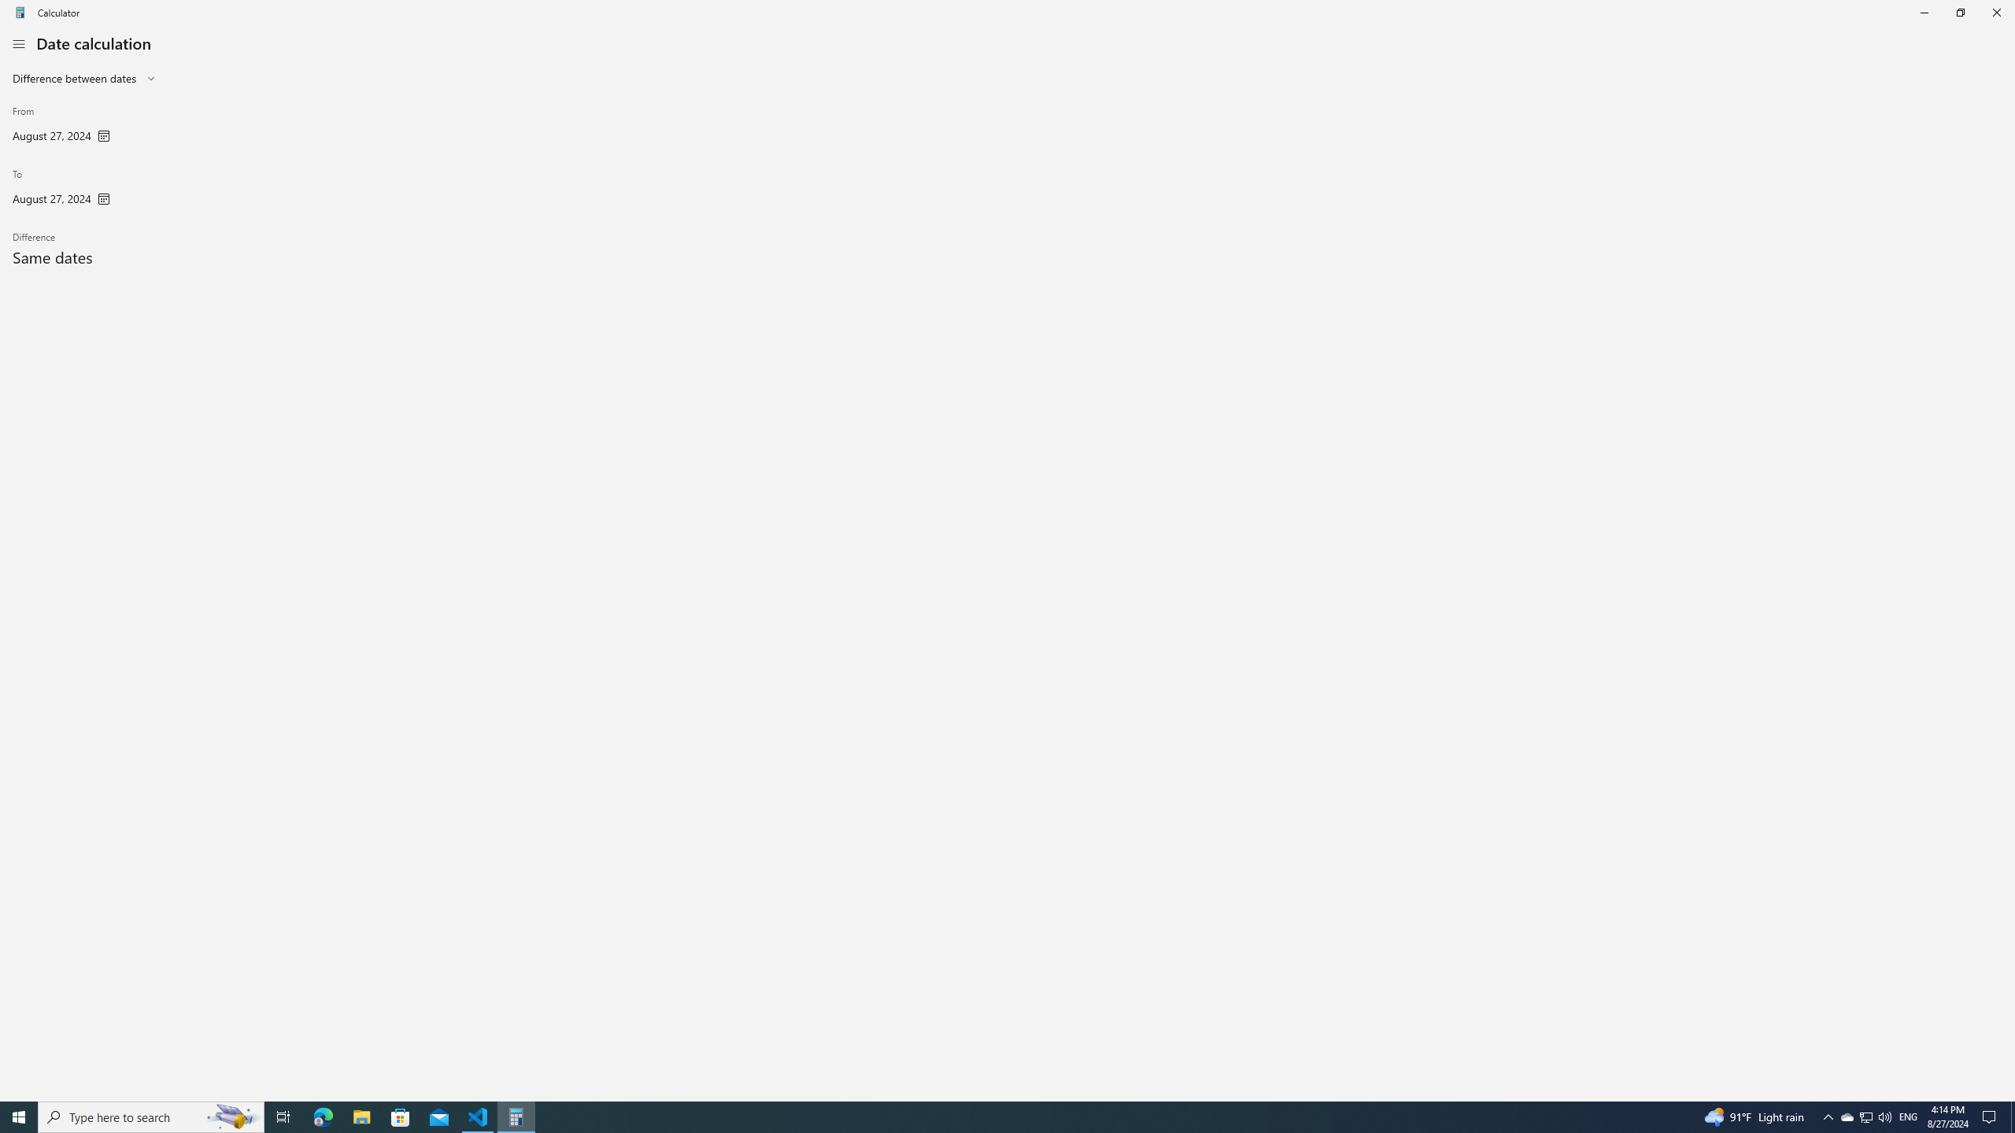 Image resolution: width=2015 pixels, height=1133 pixels. I want to click on 'Close Calculator', so click(1995, 12).